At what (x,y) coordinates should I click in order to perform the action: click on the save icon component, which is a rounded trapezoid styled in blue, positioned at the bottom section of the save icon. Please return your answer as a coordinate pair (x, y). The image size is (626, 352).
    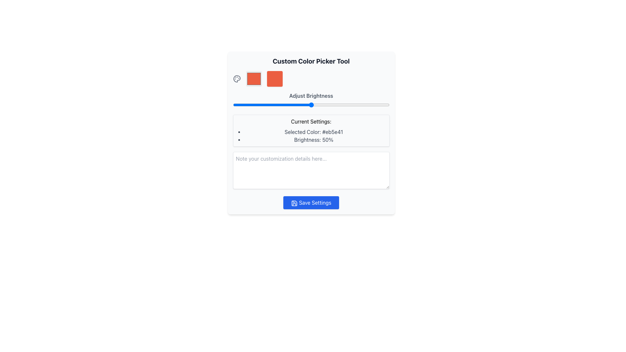
    Looking at the image, I should click on (294, 203).